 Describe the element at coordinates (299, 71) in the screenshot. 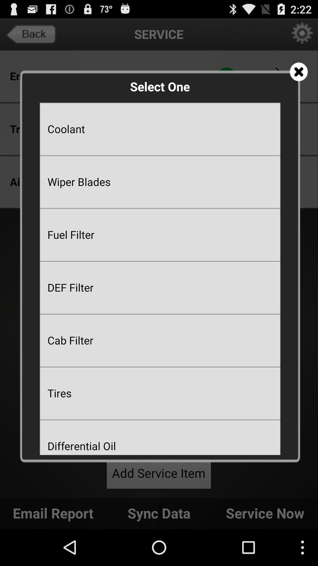

I see `app next to the select one app` at that location.